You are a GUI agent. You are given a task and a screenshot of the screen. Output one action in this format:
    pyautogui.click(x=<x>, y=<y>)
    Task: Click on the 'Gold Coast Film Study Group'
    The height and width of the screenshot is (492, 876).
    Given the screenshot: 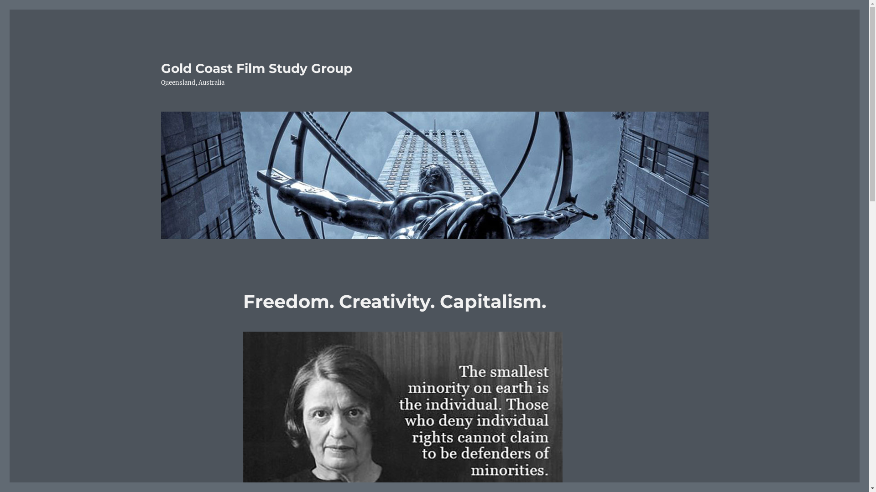 What is the action you would take?
    pyautogui.click(x=255, y=68)
    